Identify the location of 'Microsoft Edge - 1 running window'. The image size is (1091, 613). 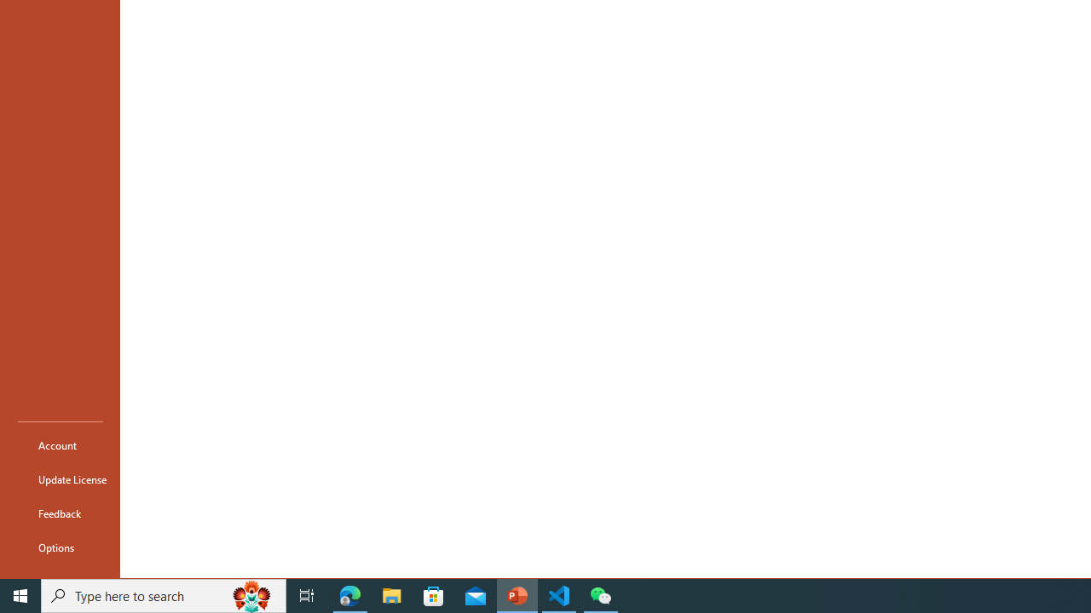
(349, 594).